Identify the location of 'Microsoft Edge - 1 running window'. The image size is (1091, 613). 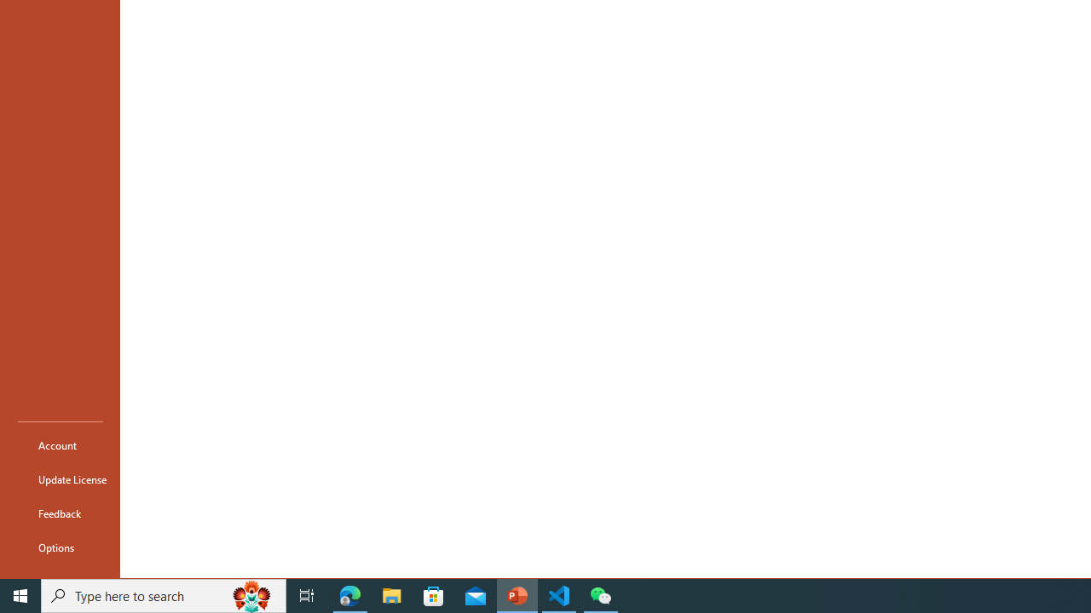
(349, 594).